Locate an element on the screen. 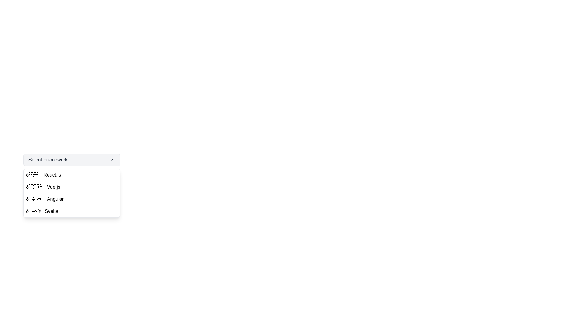 The image size is (582, 327). the Vue.js icon in the dropdown menu, which is the leftmost item in the list entry labeled 'Vue.js' is located at coordinates (34, 187).